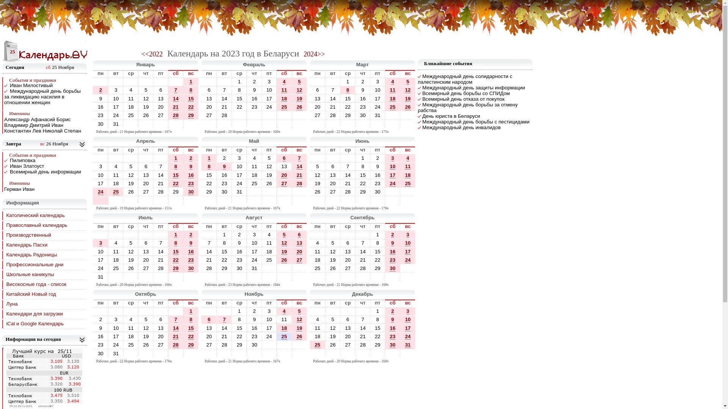 The image size is (728, 409). Describe the element at coordinates (175, 98) in the screenshot. I see `'14'` at that location.